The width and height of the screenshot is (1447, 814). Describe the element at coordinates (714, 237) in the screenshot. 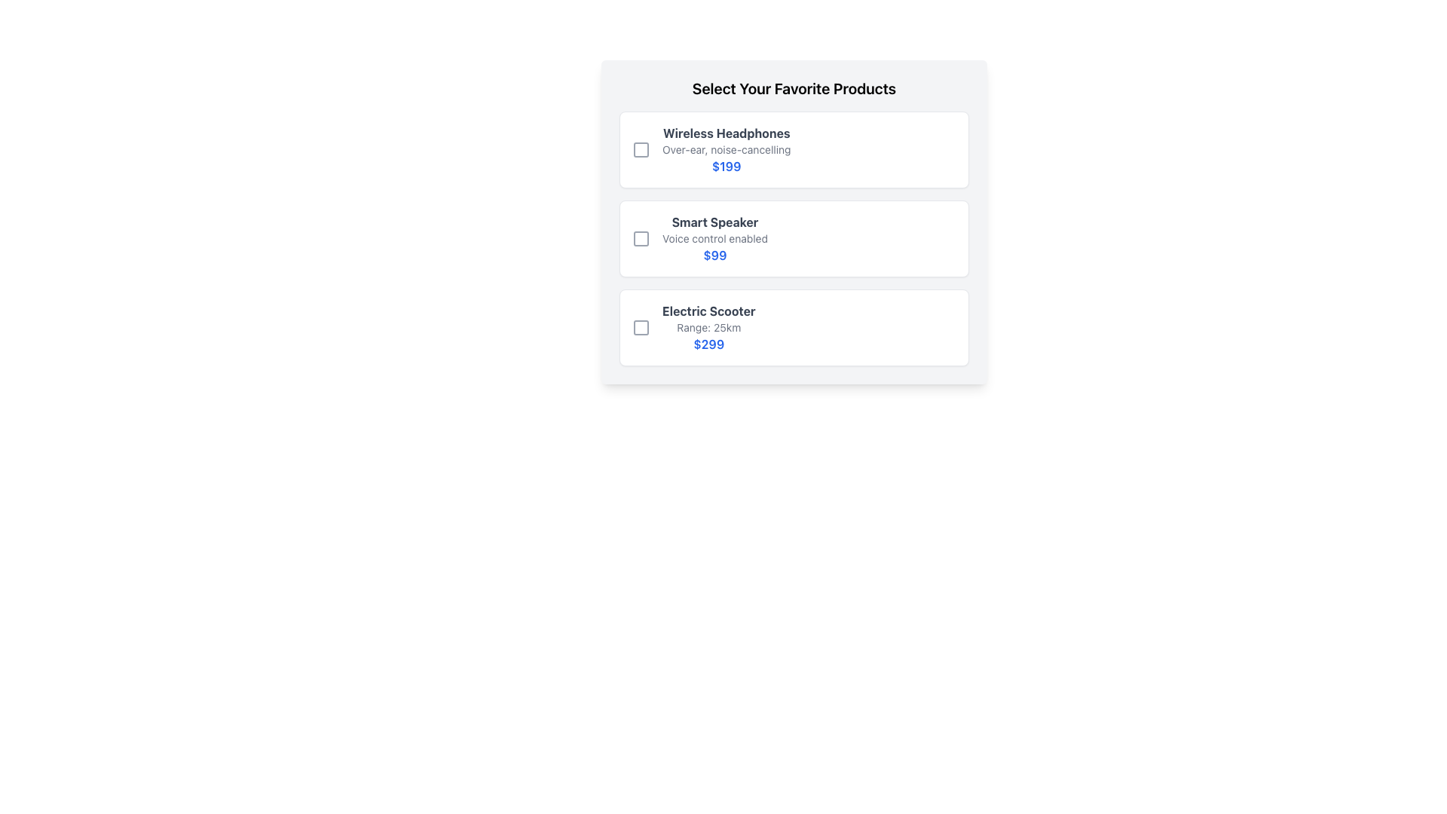

I see `information displayed in the text block containing the title 'Smart Speaker', description 'Voice control enabled', and price '$99'` at that location.